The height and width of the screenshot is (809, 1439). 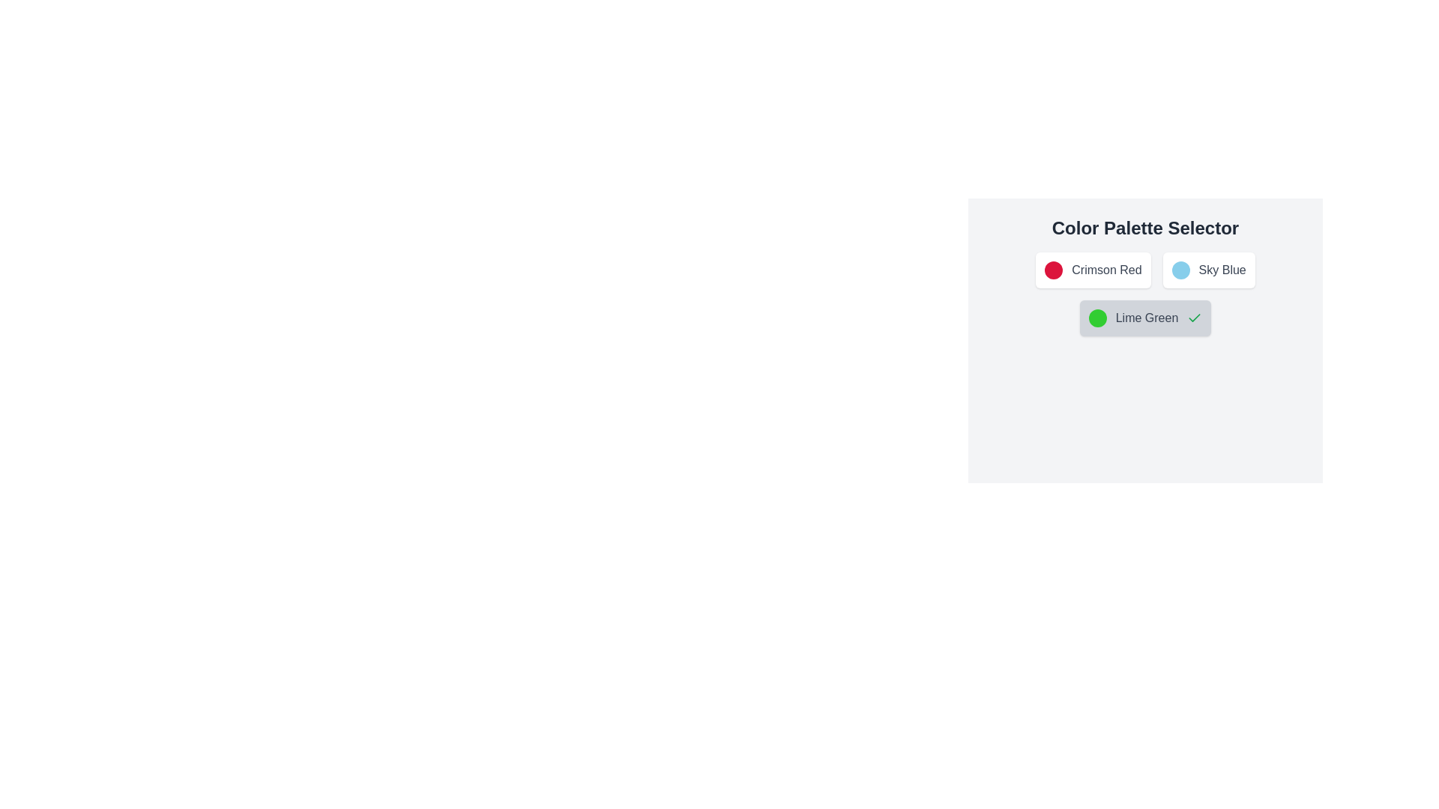 What do you see at coordinates (1093, 270) in the screenshot?
I see `the color palette item corresponding to Crimson Red to toggle its selection state` at bounding box center [1093, 270].